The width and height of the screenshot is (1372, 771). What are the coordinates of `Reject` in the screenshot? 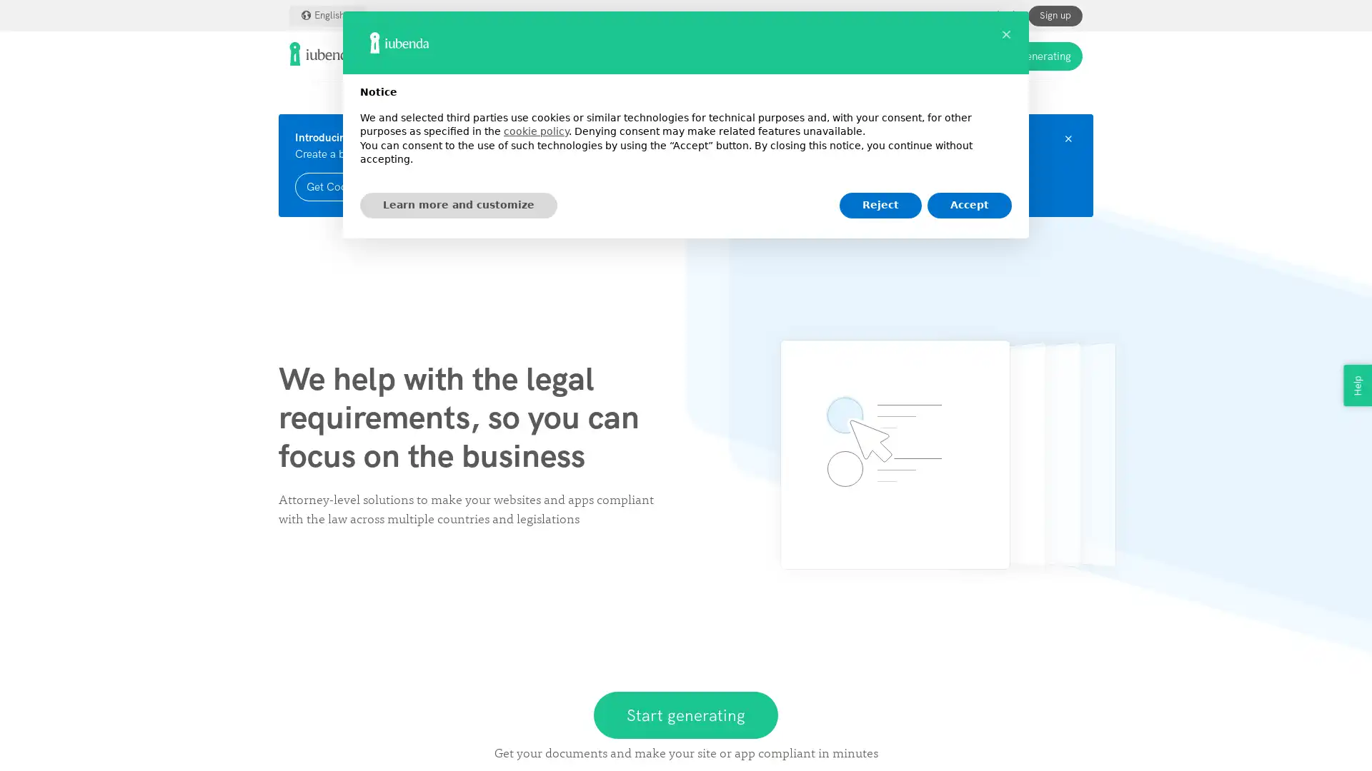 It's located at (880, 204).